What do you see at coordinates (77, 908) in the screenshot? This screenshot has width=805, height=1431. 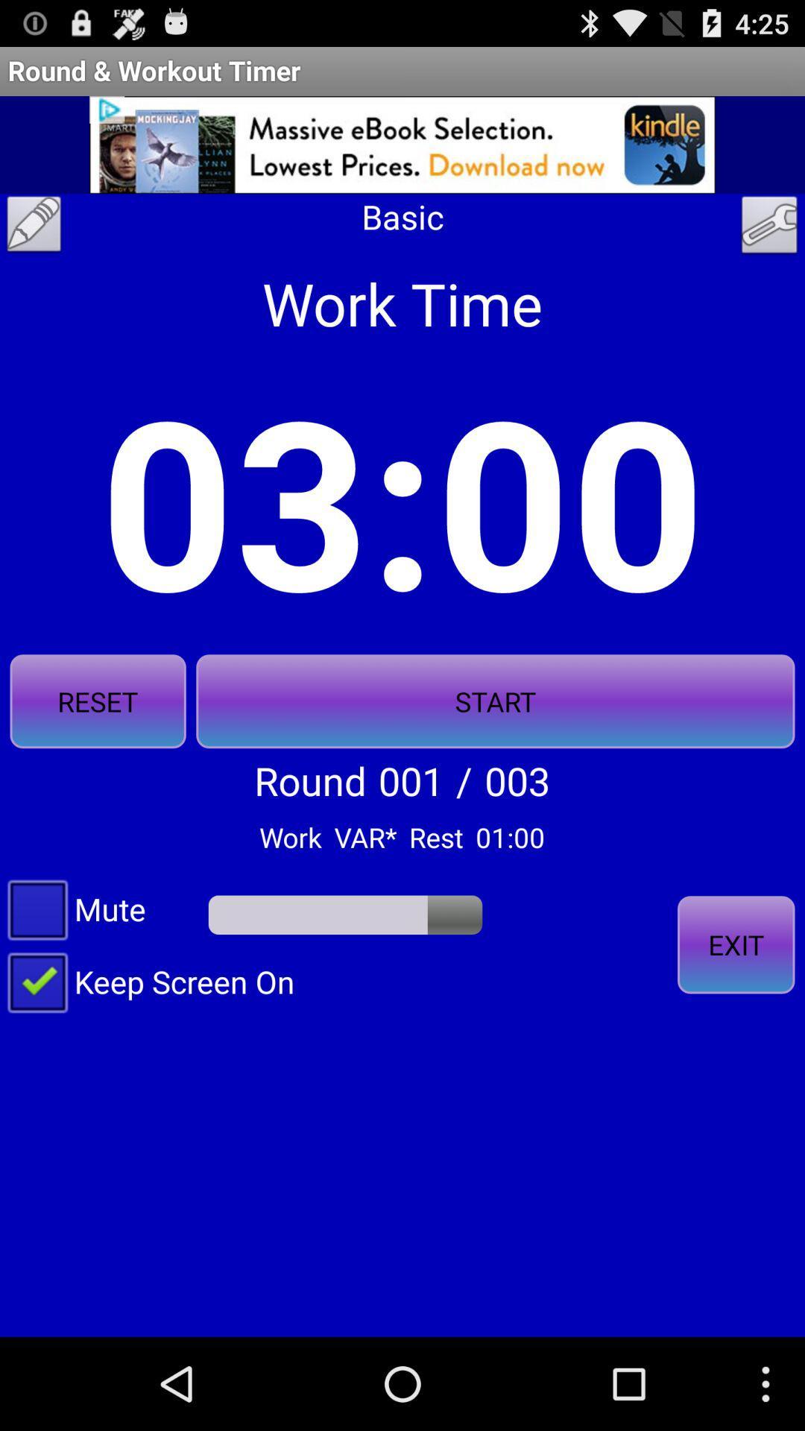 I see `mute  icon` at bounding box center [77, 908].